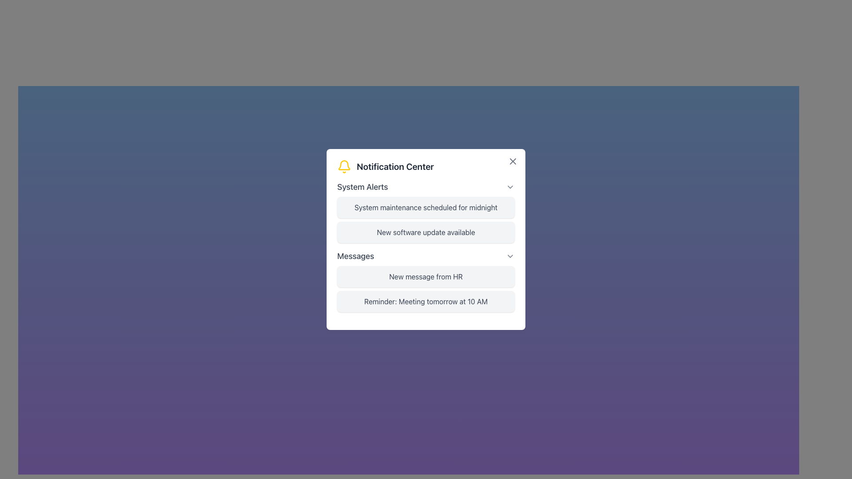 The width and height of the screenshot is (852, 479). What do you see at coordinates (513, 161) in the screenshot?
I see `the 'X' button in the top-right corner of the 'Notification Center' modal` at bounding box center [513, 161].